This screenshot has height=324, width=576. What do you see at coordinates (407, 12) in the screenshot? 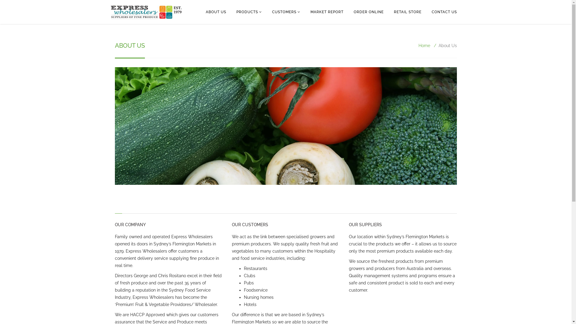
I see `'RETAIL STORE'` at bounding box center [407, 12].